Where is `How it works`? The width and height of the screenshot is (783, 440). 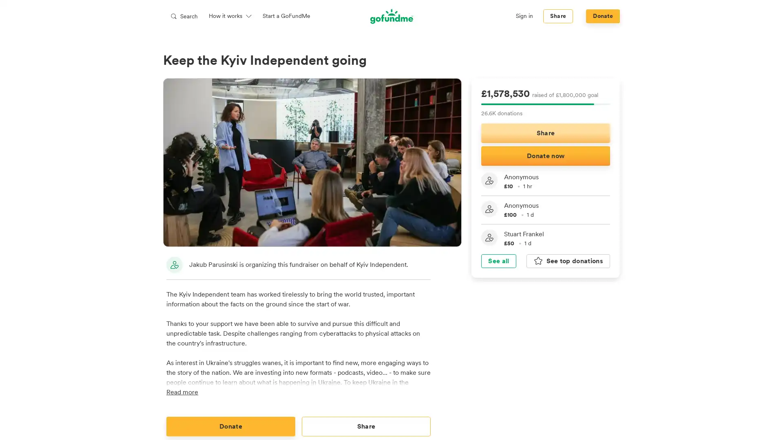 How it works is located at coordinates (230, 16).